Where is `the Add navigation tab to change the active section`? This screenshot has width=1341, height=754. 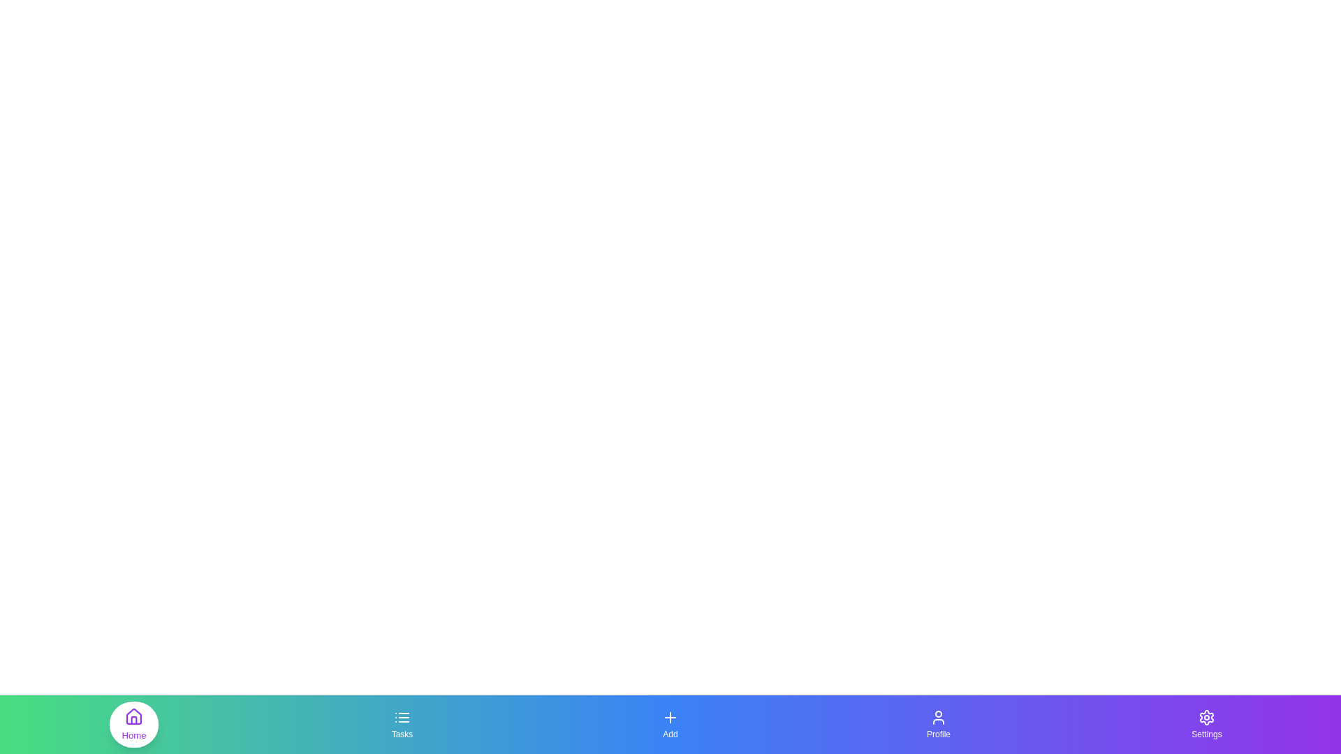
the Add navigation tab to change the active section is located at coordinates (670, 723).